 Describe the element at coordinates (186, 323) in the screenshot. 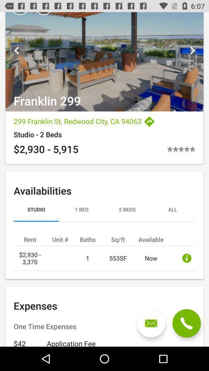

I see `the call icon` at that location.